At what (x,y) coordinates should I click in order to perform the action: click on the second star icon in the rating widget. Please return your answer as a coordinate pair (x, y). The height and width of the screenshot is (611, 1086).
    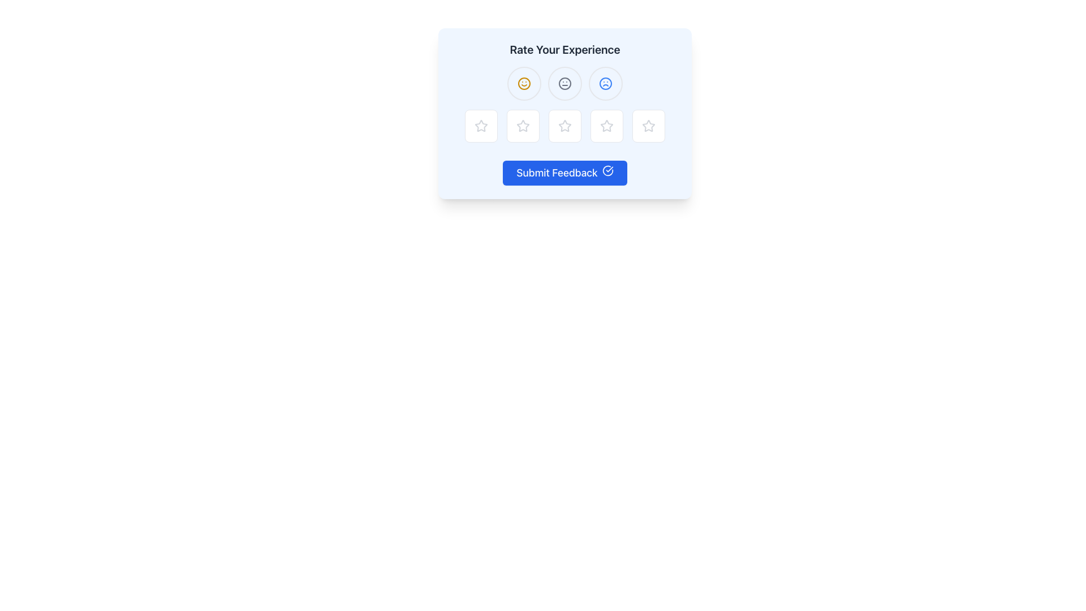
    Looking at the image, I should click on (523, 126).